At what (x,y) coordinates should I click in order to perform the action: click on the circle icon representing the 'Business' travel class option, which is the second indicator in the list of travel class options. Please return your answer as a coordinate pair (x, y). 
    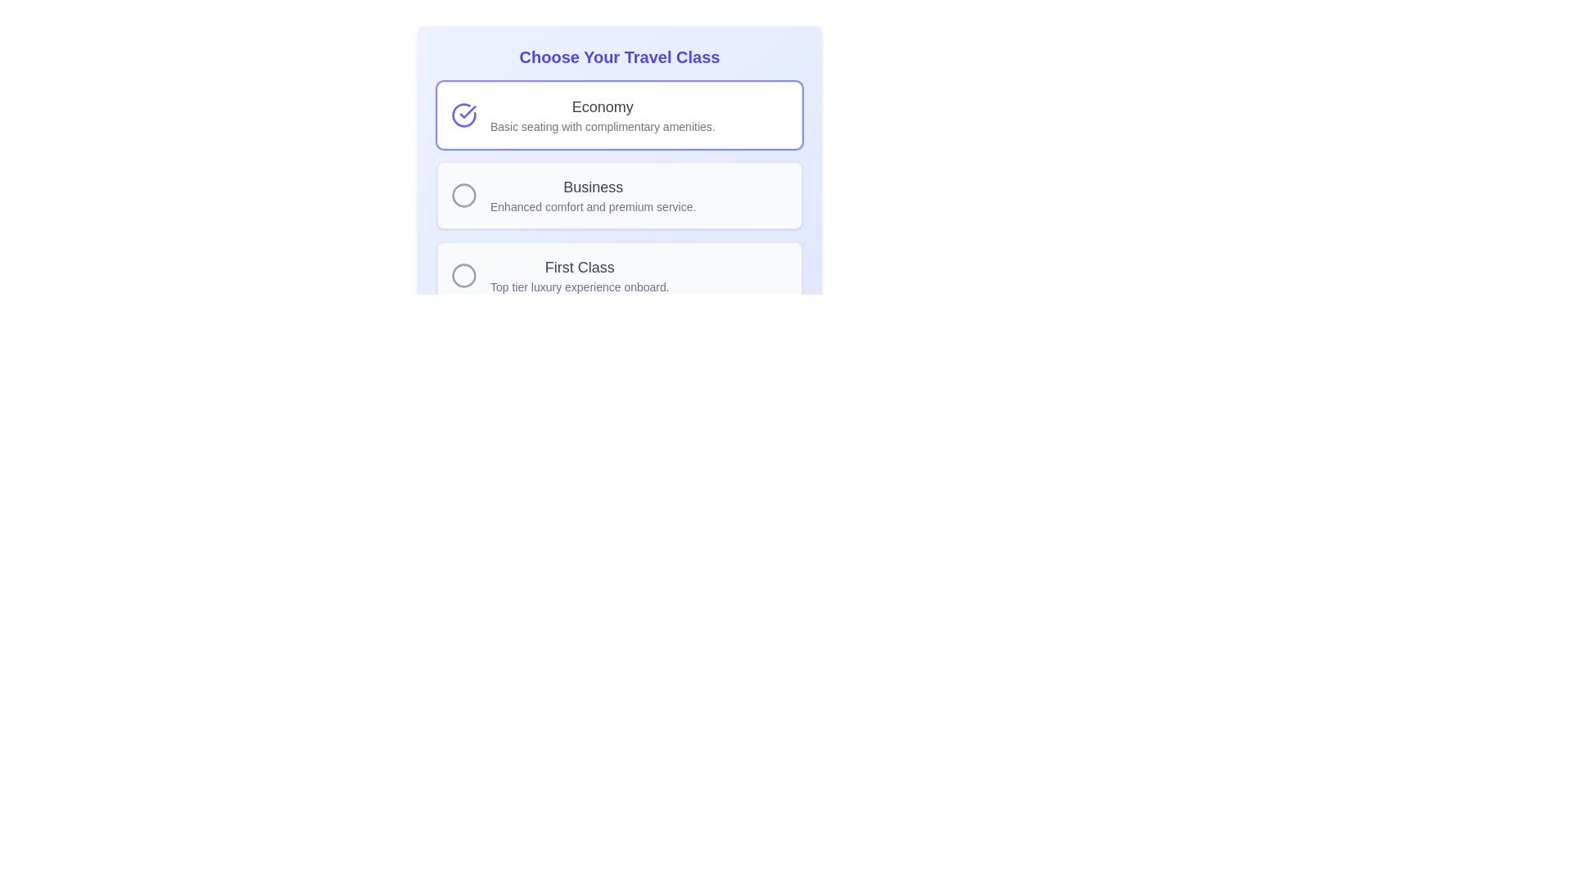
    Looking at the image, I should click on (463, 195).